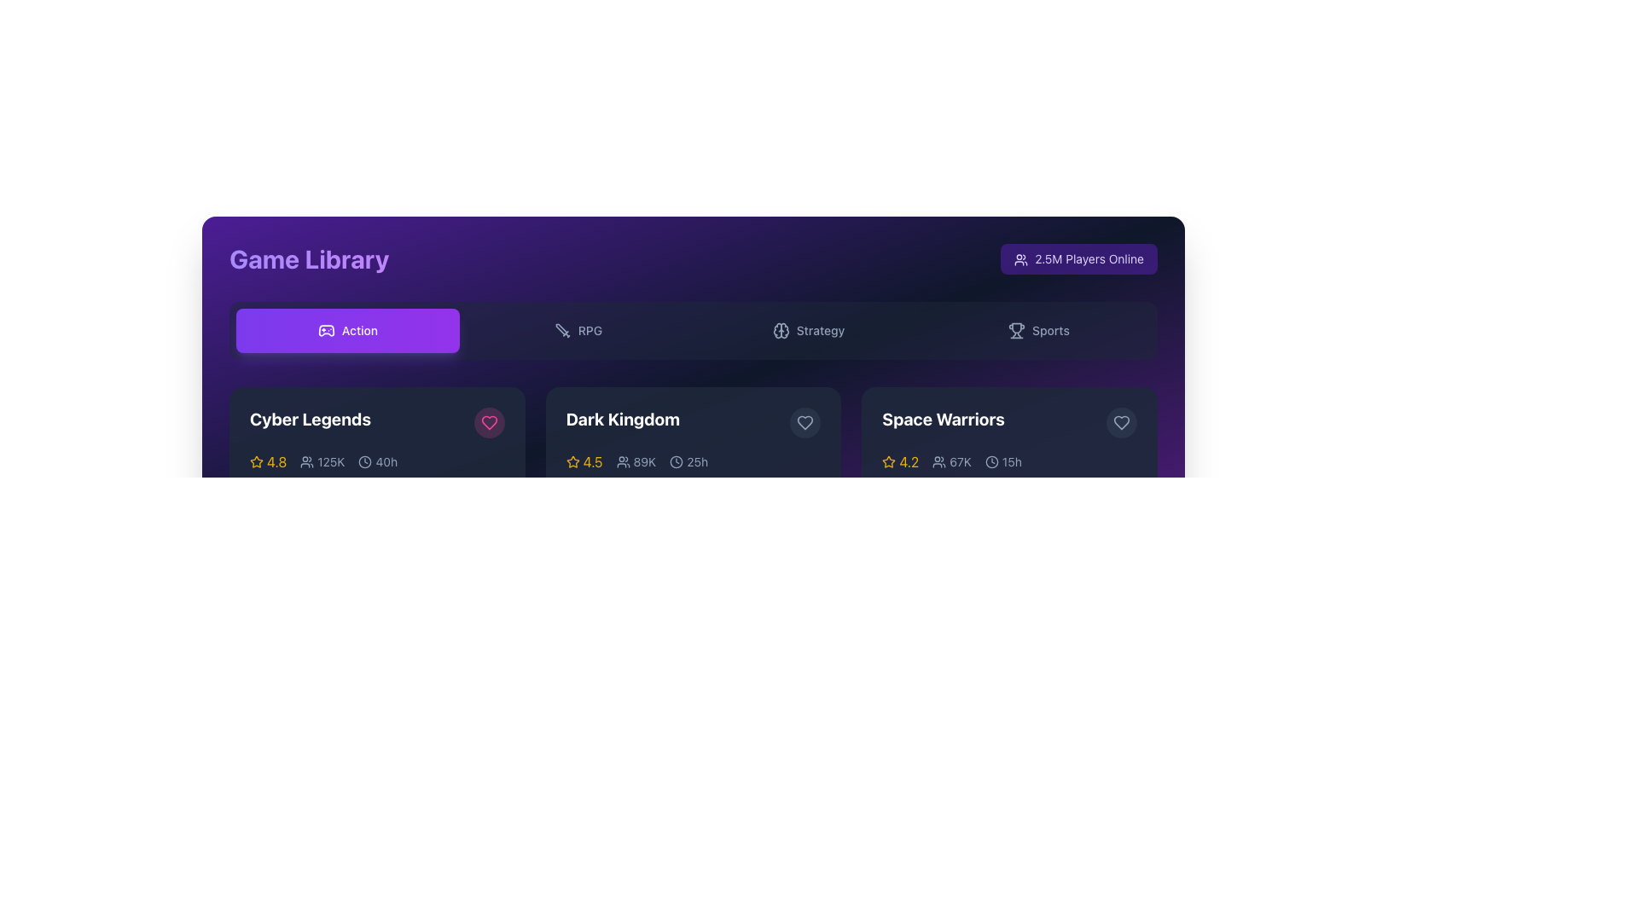 The height and width of the screenshot is (921, 1638). Describe the element at coordinates (1078, 259) in the screenshot. I see `the Text Label displaying '2.5M Players Online' alongside the group icon using assistive technologies` at that location.